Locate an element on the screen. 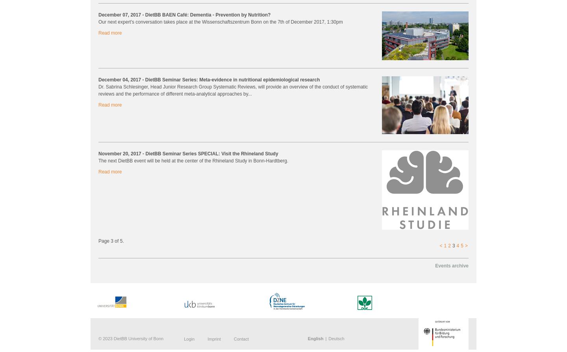 The image size is (567, 352). '- DietBB Seminar Series: Meta-evidence in nutritional epidemiological research' is located at coordinates (231, 79).